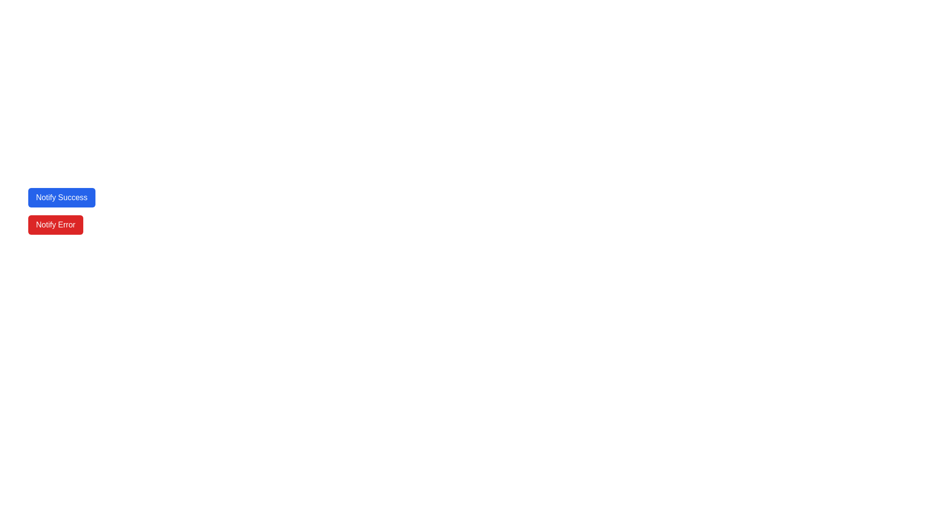  I want to click on the red button labeled 'Notify Error', so click(55, 225).